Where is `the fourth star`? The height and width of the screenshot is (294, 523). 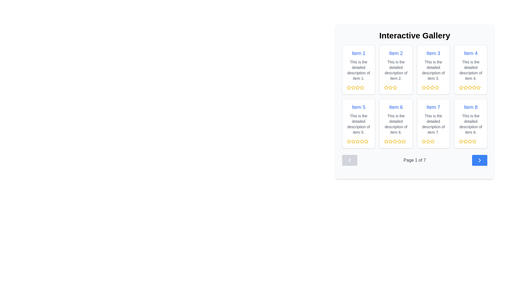 the fourth star is located at coordinates (358, 87).